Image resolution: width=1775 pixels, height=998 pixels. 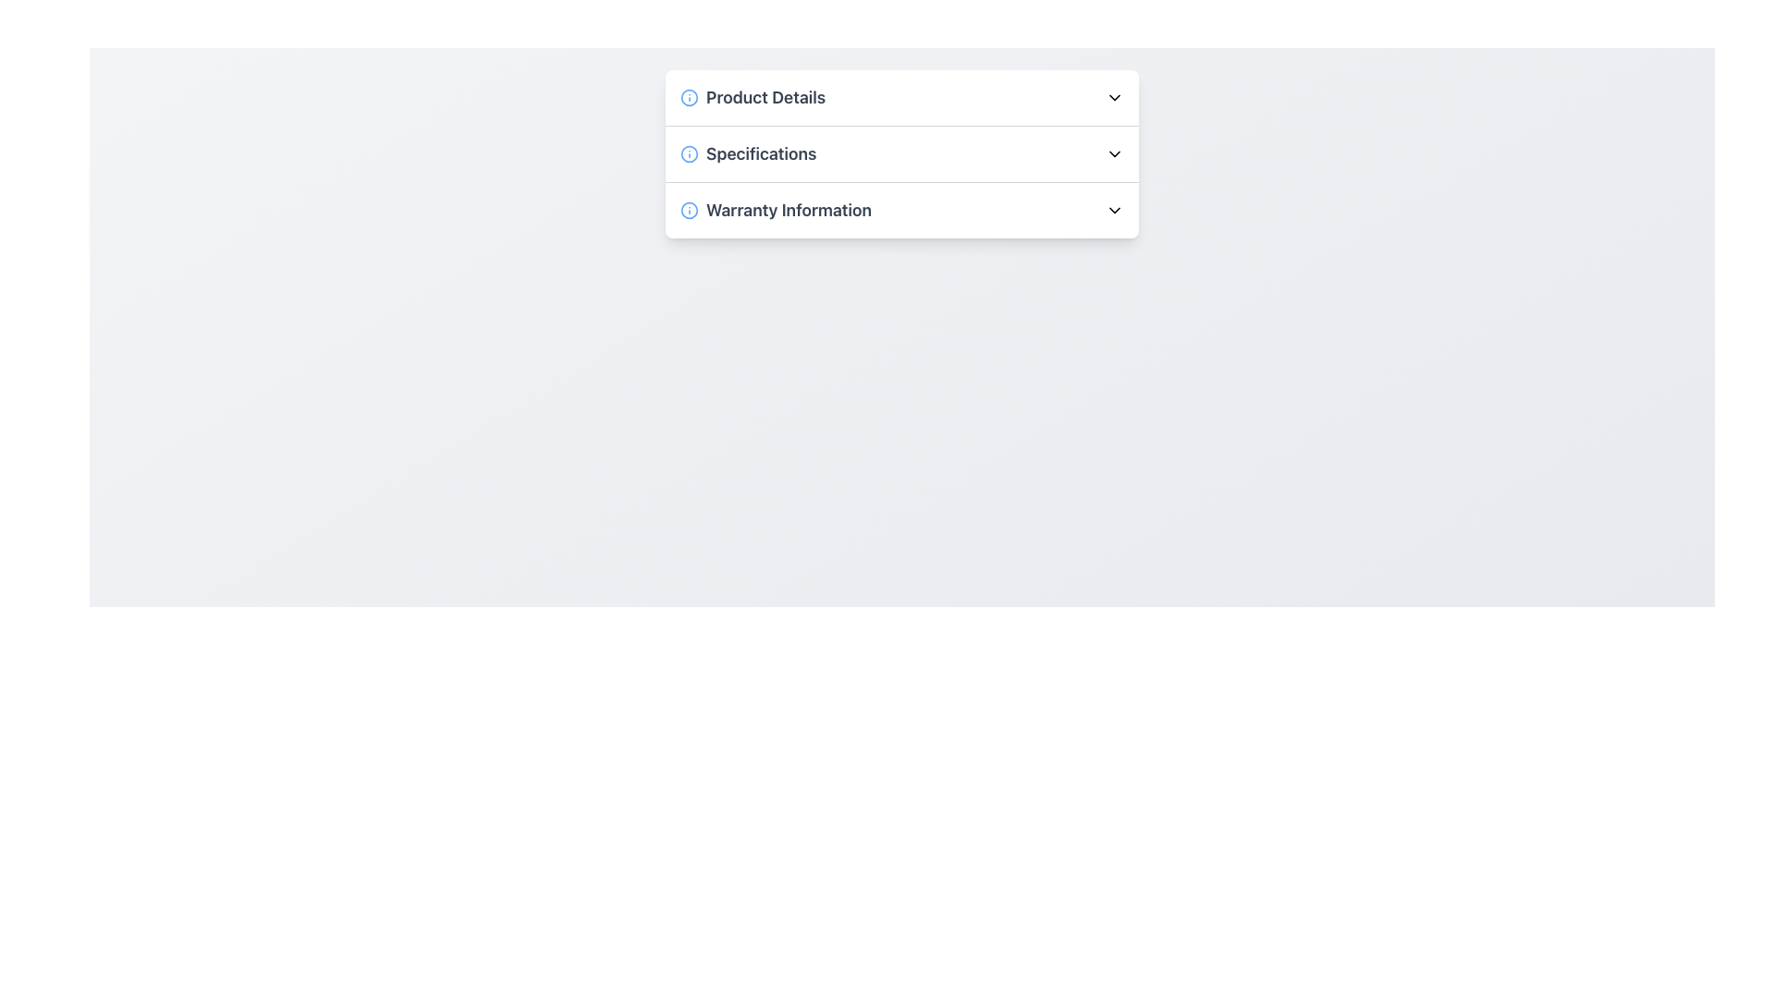 What do you see at coordinates (761, 152) in the screenshot?
I see `the third text label in the dropdown menu that serves as a section title or identifier for specifications` at bounding box center [761, 152].